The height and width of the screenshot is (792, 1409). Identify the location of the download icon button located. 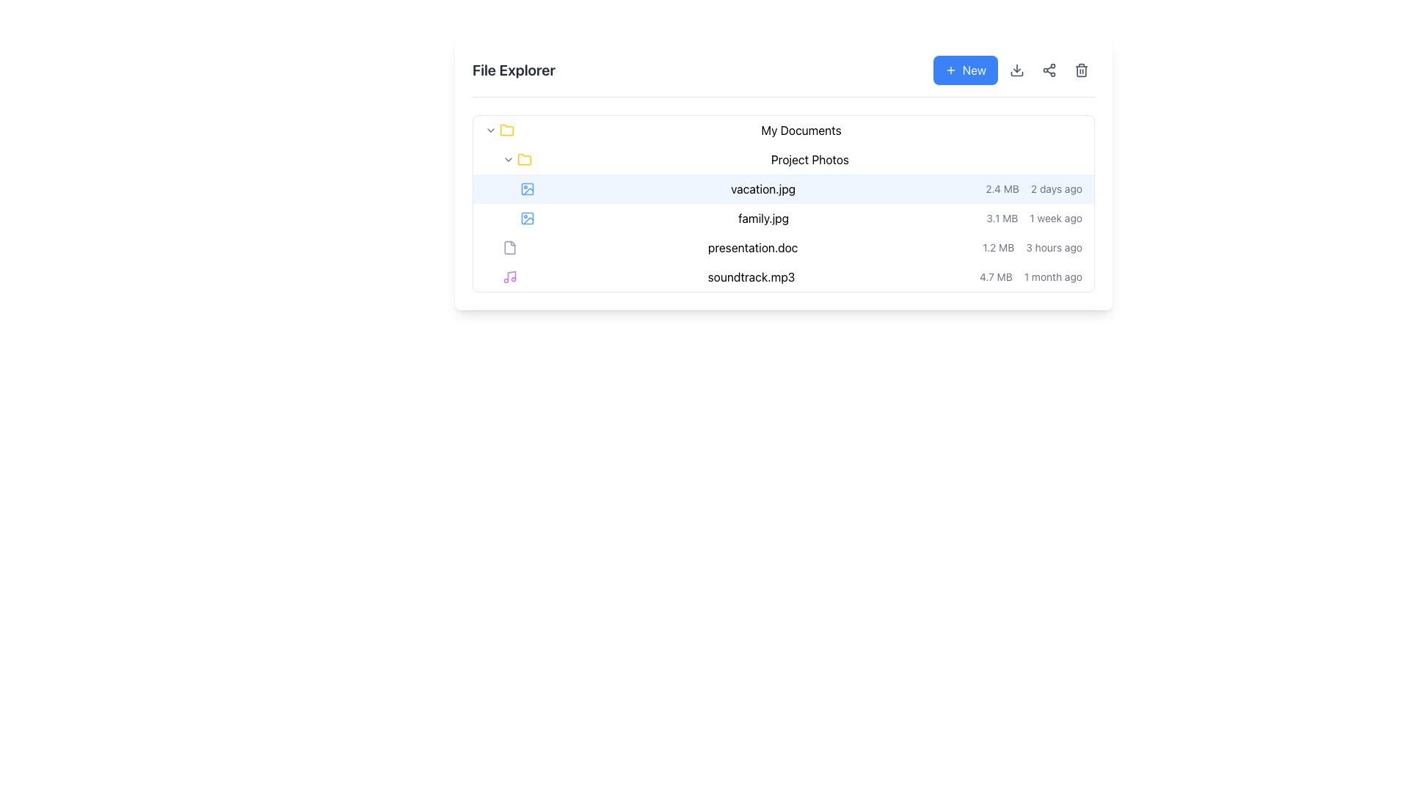
(1013, 70).